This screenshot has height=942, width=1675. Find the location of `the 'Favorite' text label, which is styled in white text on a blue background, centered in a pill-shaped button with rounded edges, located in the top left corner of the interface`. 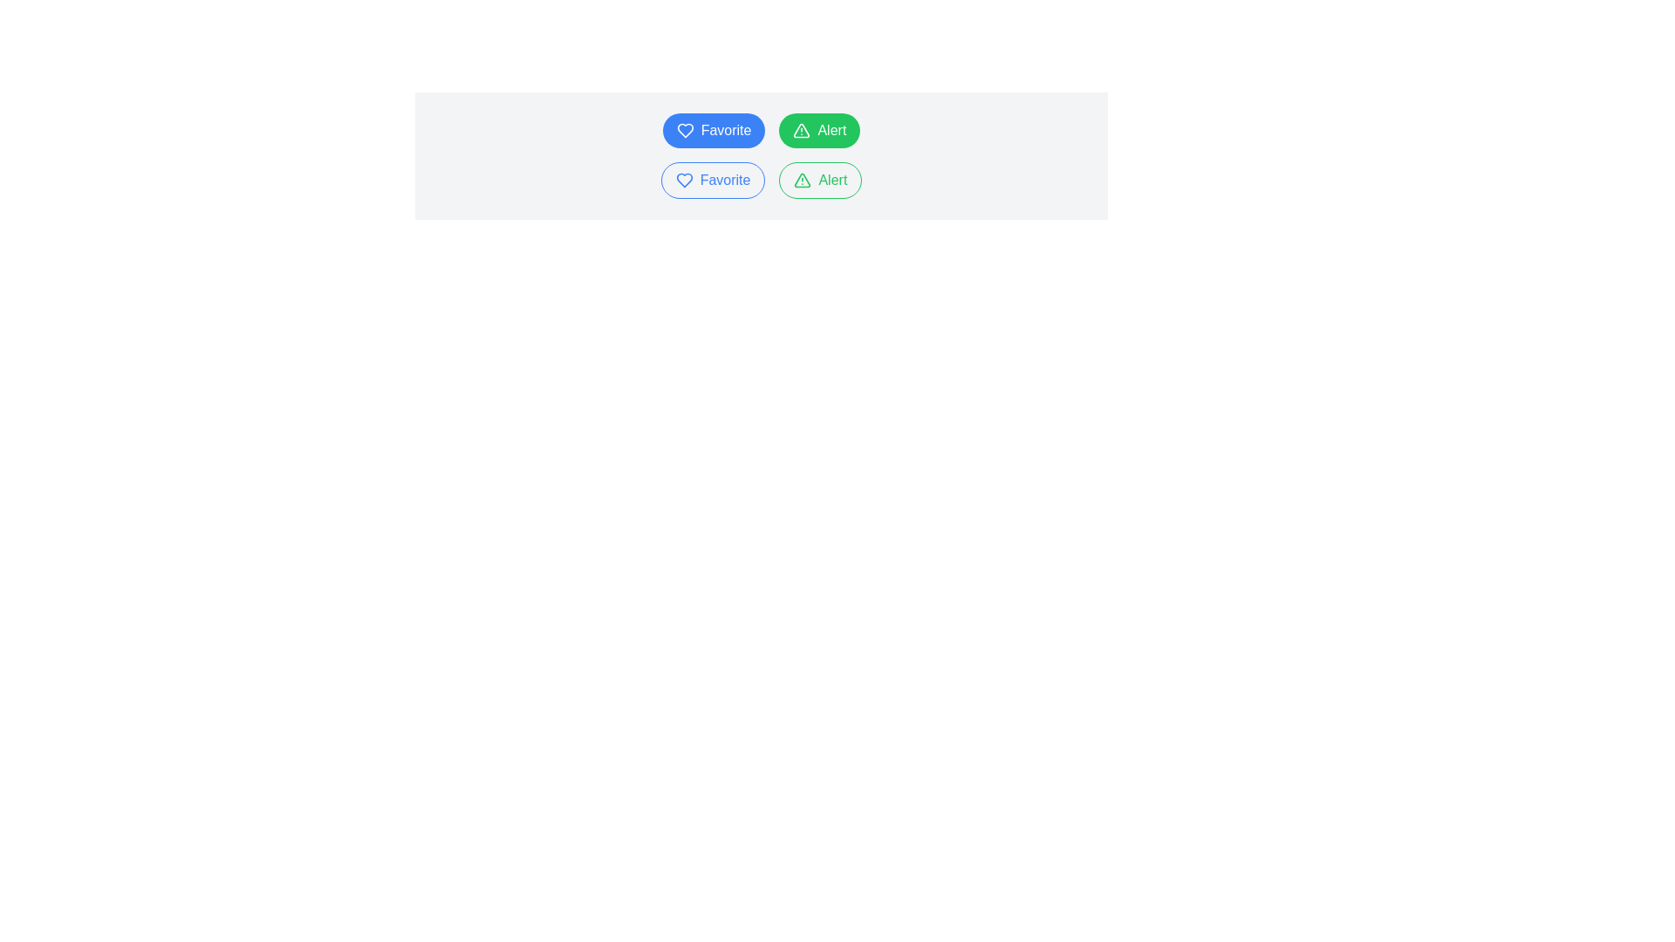

the 'Favorite' text label, which is styled in white text on a blue background, centered in a pill-shaped button with rounded edges, located in the top left corner of the interface is located at coordinates (726, 130).